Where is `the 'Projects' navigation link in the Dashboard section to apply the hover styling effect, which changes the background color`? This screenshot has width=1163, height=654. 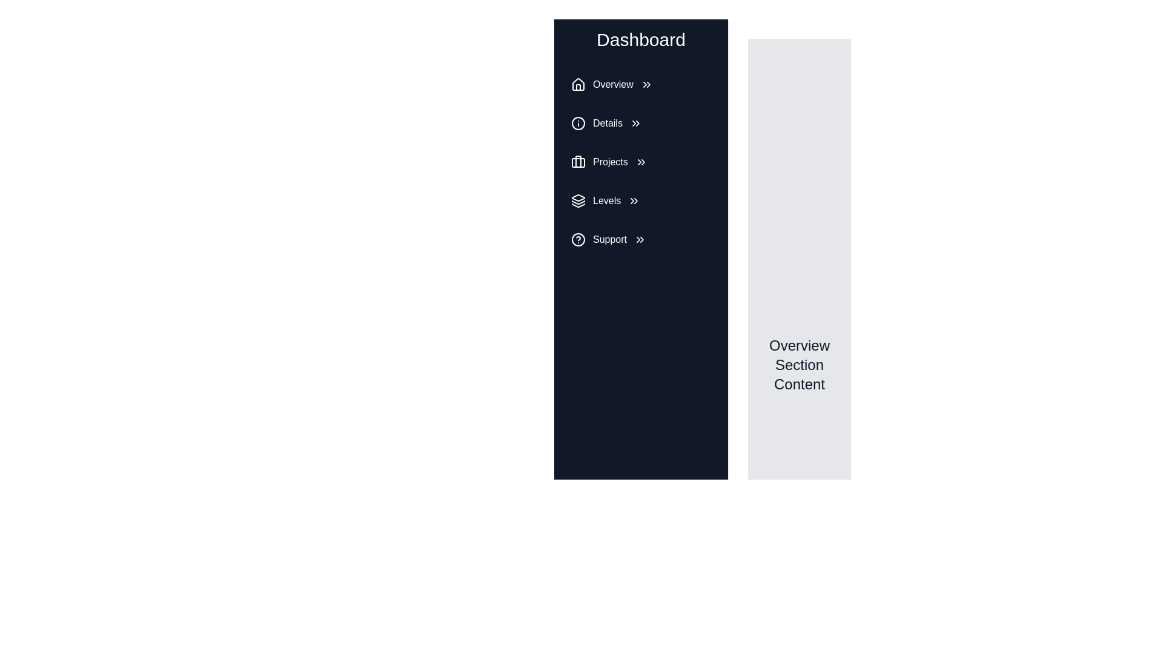
the 'Projects' navigation link in the Dashboard section to apply the hover styling effect, which changes the background color is located at coordinates (640, 161).